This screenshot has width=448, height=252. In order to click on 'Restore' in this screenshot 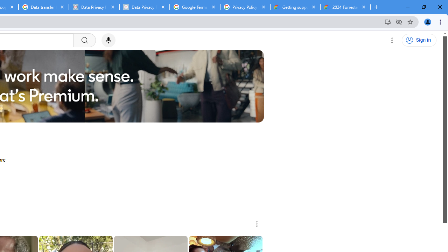, I will do `click(423, 7)`.